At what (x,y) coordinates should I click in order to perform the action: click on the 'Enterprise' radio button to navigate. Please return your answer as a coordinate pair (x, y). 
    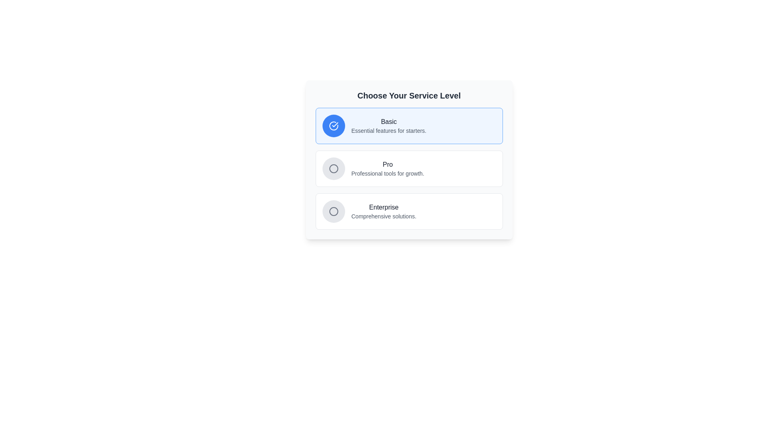
    Looking at the image, I should click on (333, 211).